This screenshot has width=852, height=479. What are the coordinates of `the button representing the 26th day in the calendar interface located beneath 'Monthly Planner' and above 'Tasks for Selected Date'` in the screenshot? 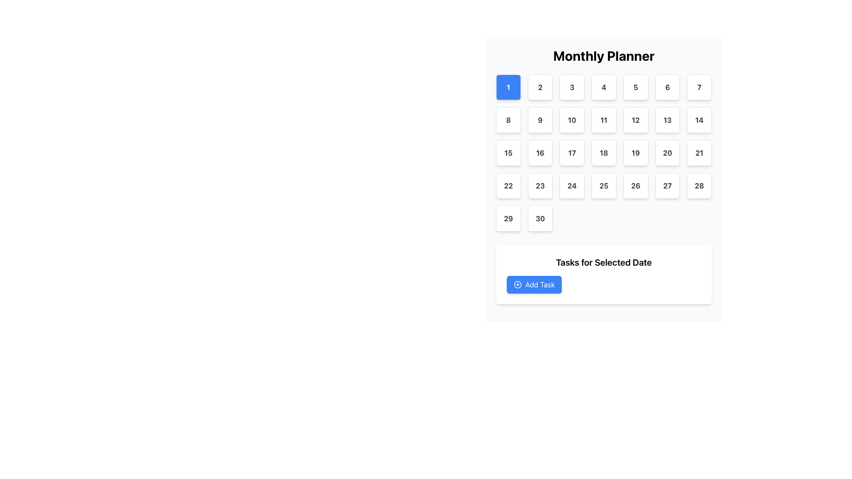 It's located at (635, 185).